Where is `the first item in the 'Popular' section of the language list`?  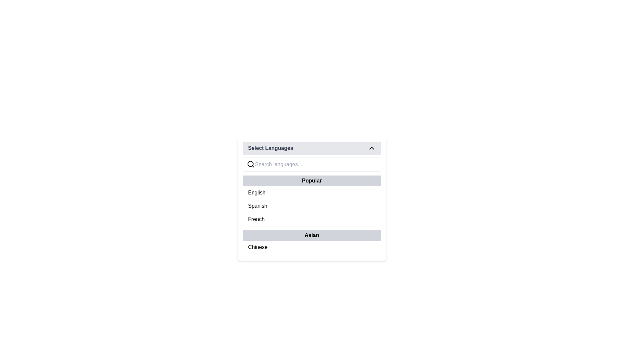 the first item in the 'Popular' section of the language list is located at coordinates (311, 192).